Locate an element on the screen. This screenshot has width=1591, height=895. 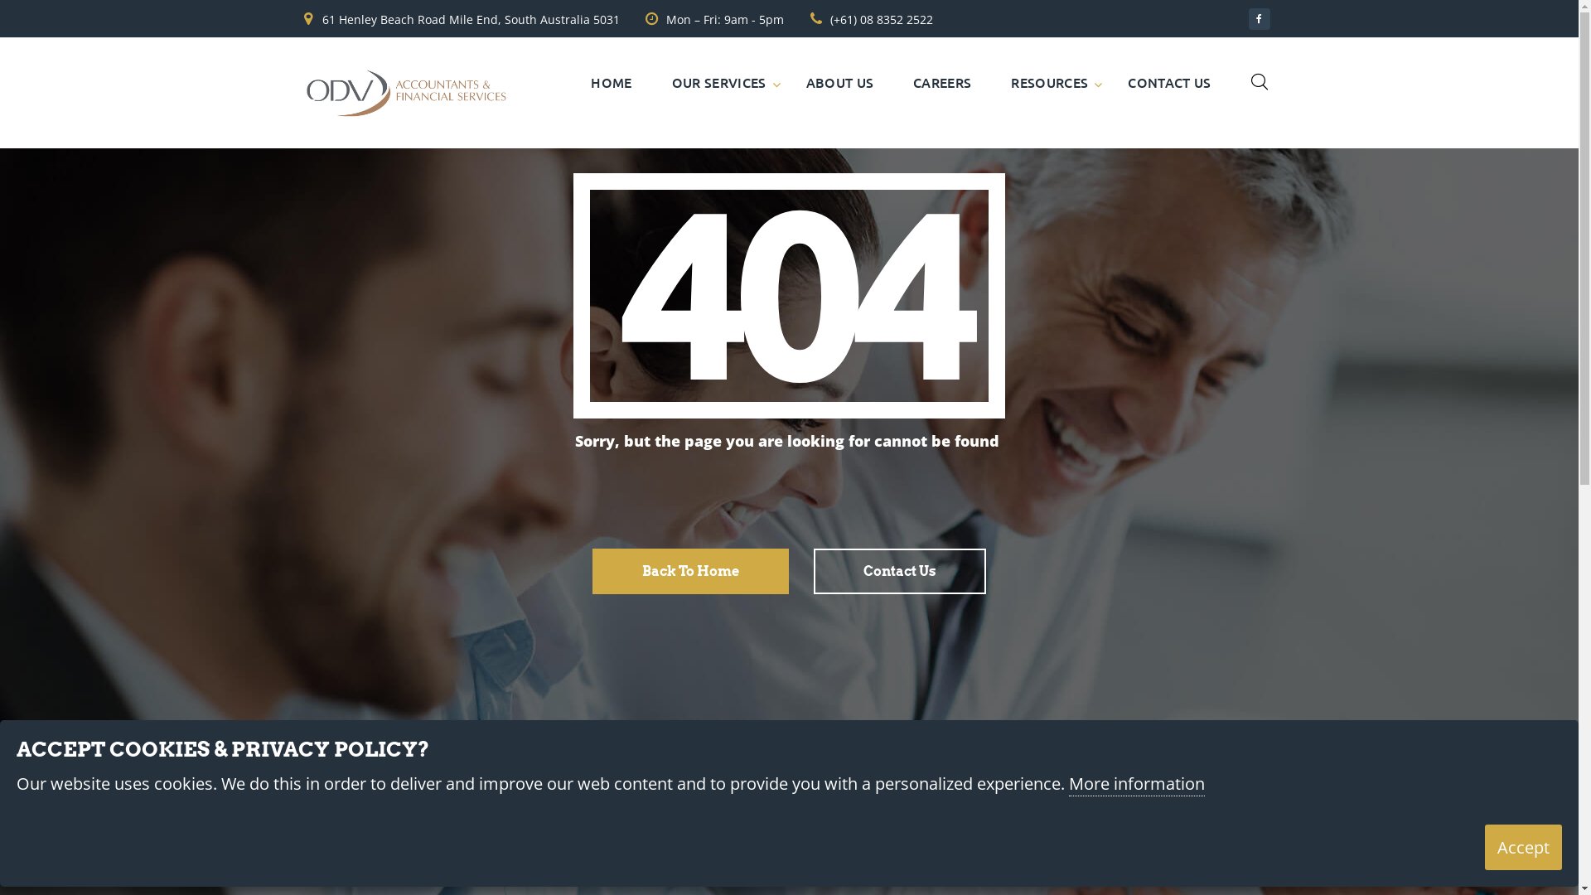
'Facebook' is located at coordinates (1258, 19).